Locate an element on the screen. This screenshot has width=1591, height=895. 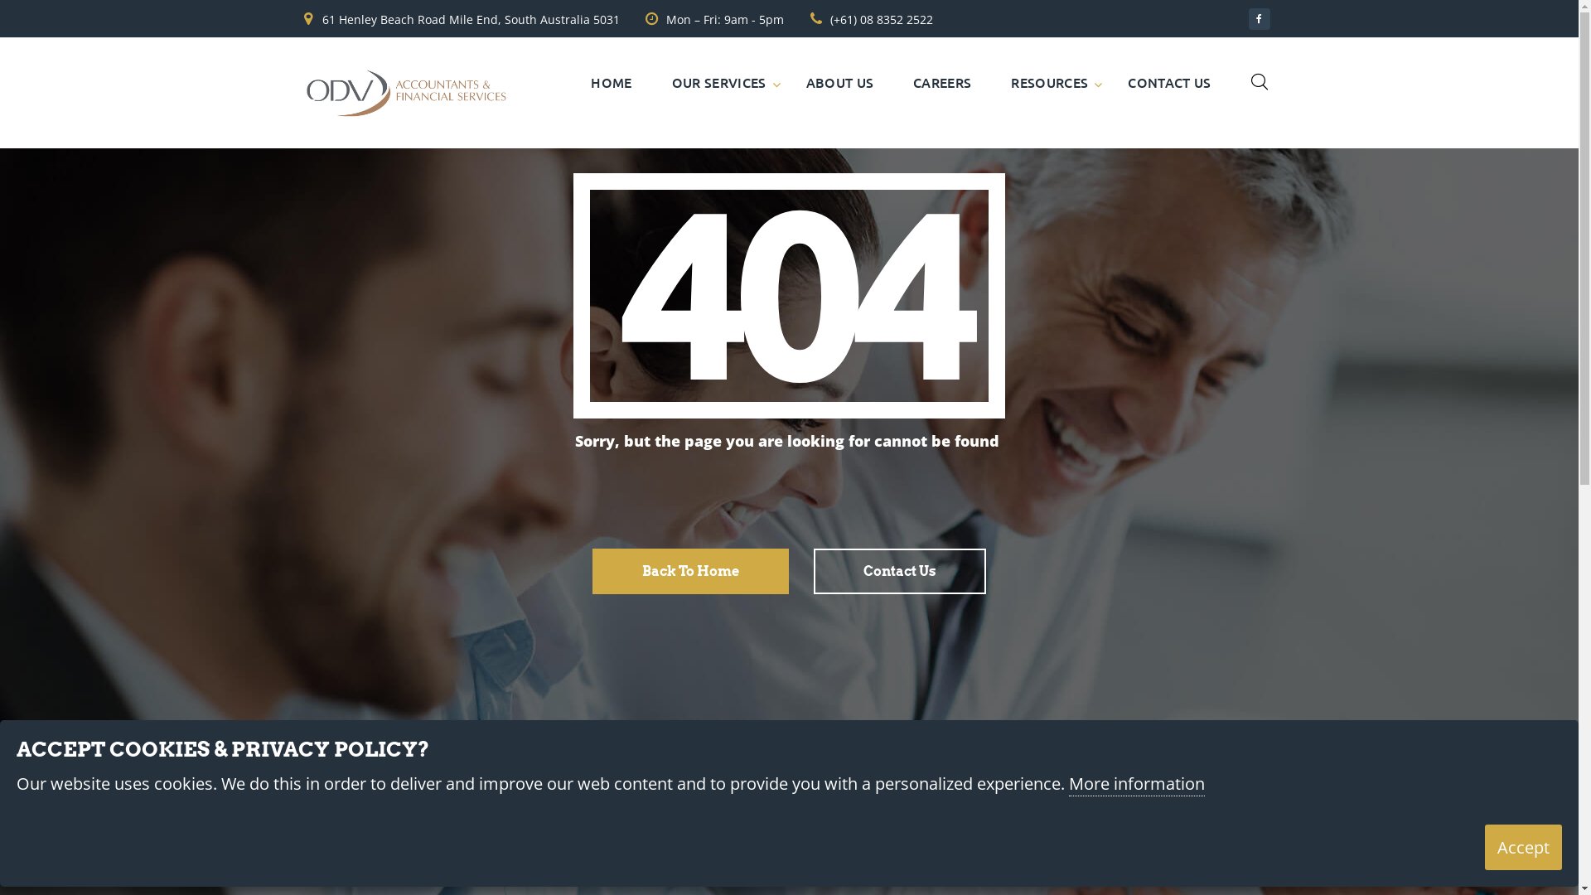
'Facebook' is located at coordinates (1258, 19).